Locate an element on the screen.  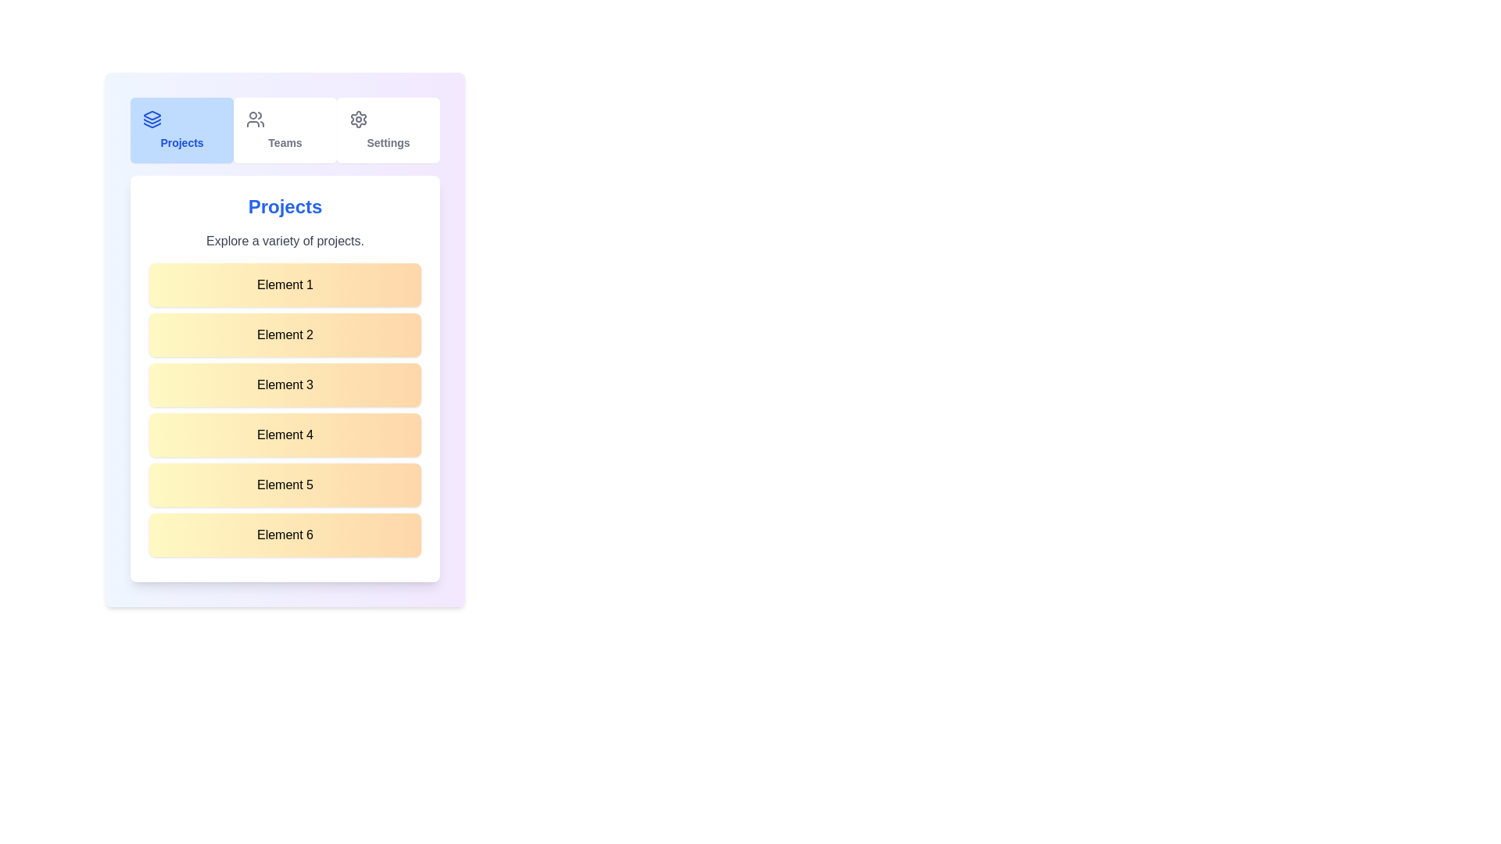
the list item labeled 'Element 2' is located at coordinates (285, 334).